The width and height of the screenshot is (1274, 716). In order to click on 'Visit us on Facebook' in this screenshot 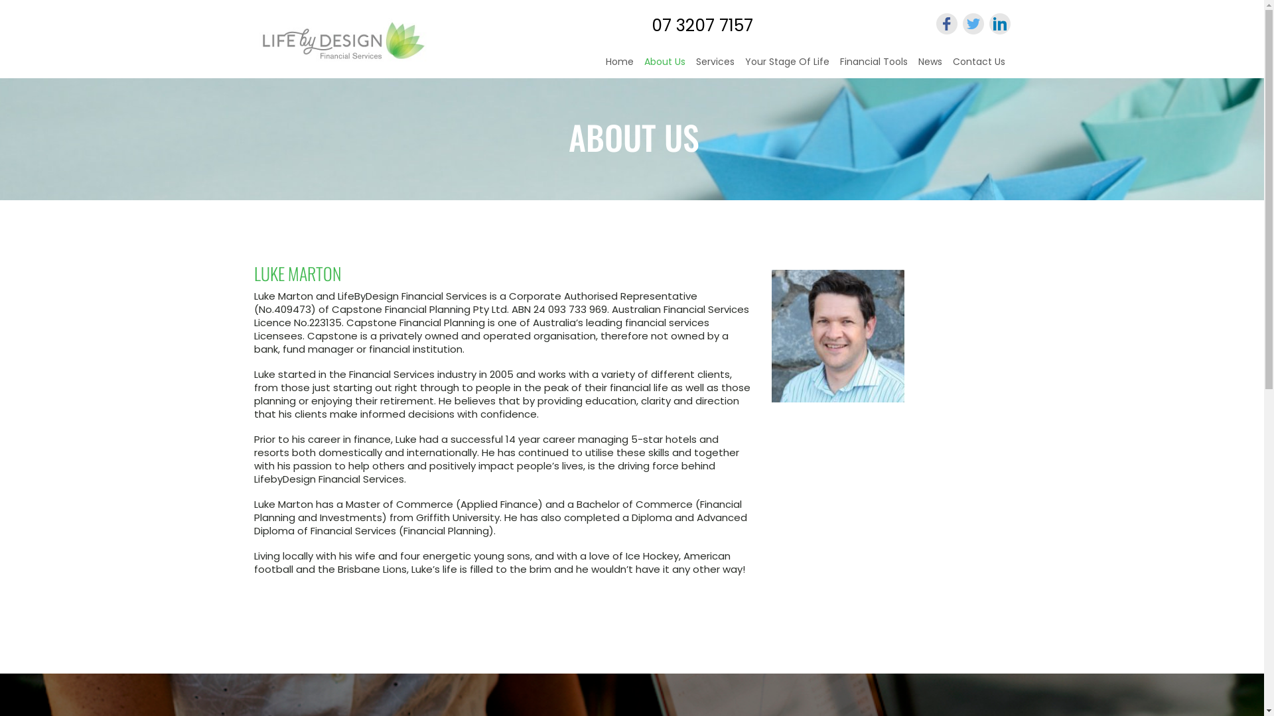, I will do `click(945, 23)`.